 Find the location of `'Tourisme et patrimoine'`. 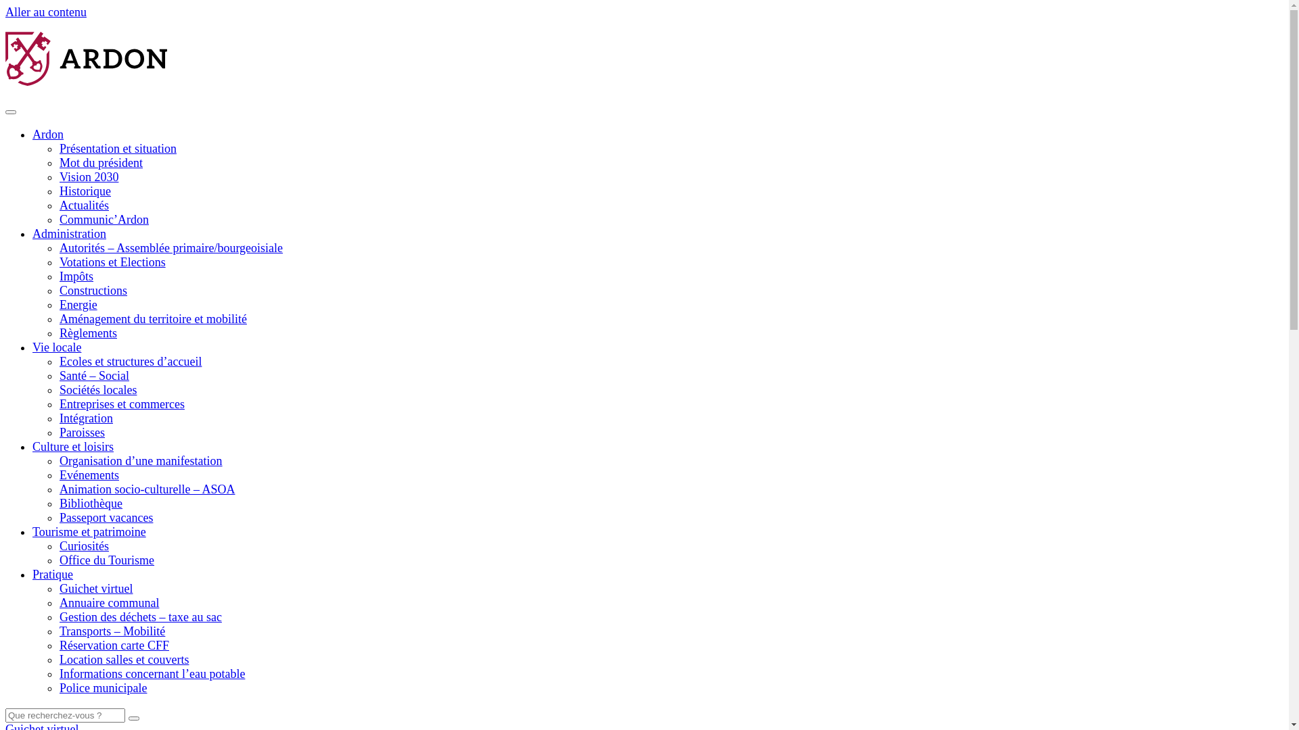

'Tourisme et patrimoine' is located at coordinates (89, 531).